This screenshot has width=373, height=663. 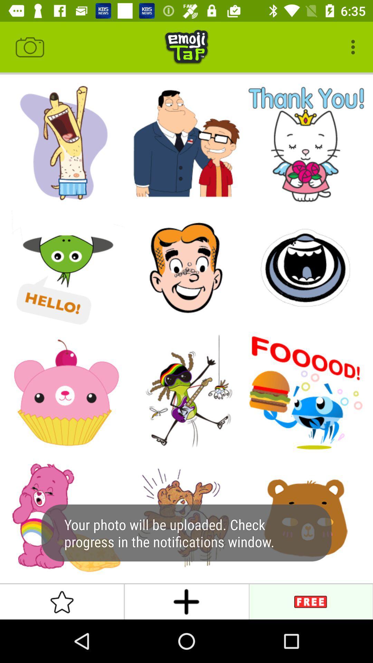 What do you see at coordinates (186, 601) in the screenshot?
I see `the add icon` at bounding box center [186, 601].